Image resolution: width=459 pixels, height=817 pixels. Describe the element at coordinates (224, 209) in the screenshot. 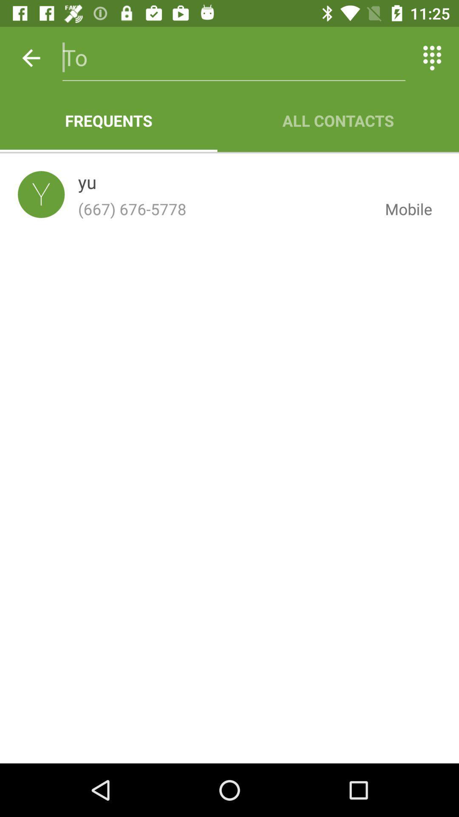

I see `item below yu` at that location.